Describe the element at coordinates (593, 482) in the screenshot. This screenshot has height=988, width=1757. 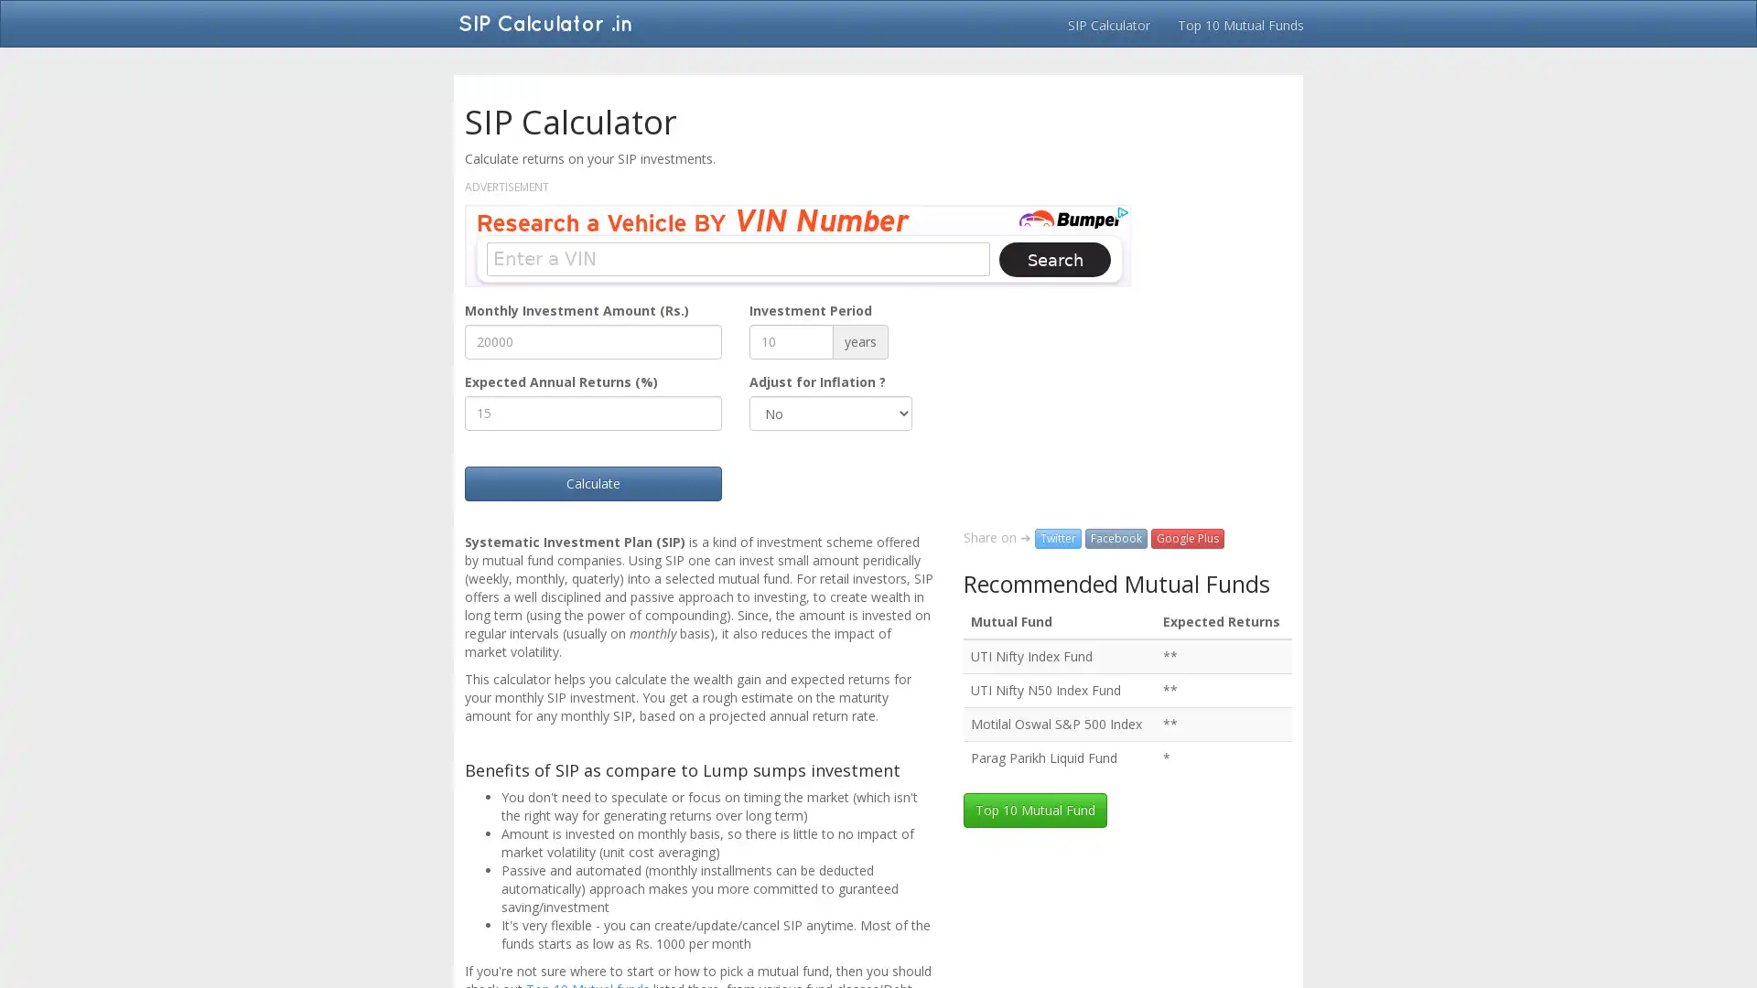
I see `Calculate` at that location.